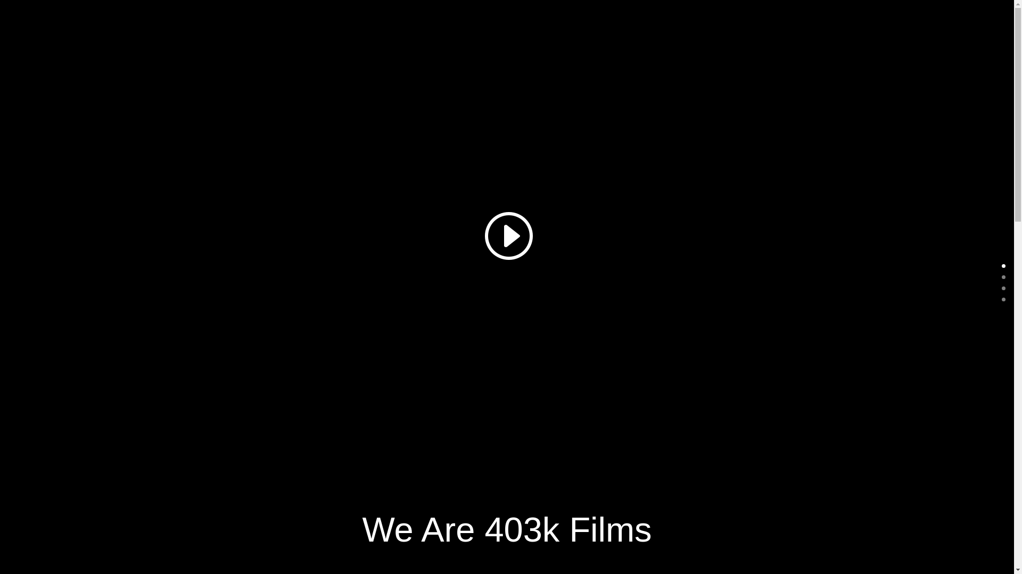  I want to click on 'Make Sneaker Culture Great Again - Web Series Teaser', so click(506, 234).